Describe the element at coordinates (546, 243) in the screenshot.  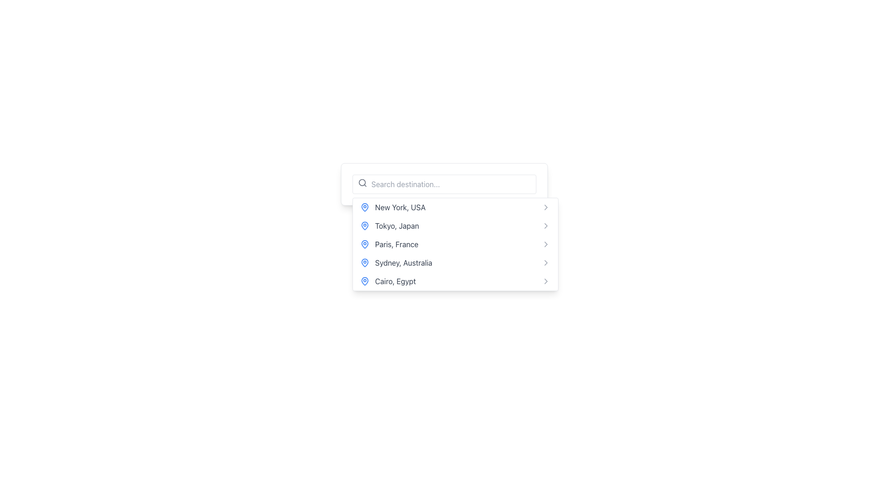
I see `the visual indicator icon located to the far right of the 'Paris, France' list item, which suggests further navigation or expansion for the associated item` at that location.